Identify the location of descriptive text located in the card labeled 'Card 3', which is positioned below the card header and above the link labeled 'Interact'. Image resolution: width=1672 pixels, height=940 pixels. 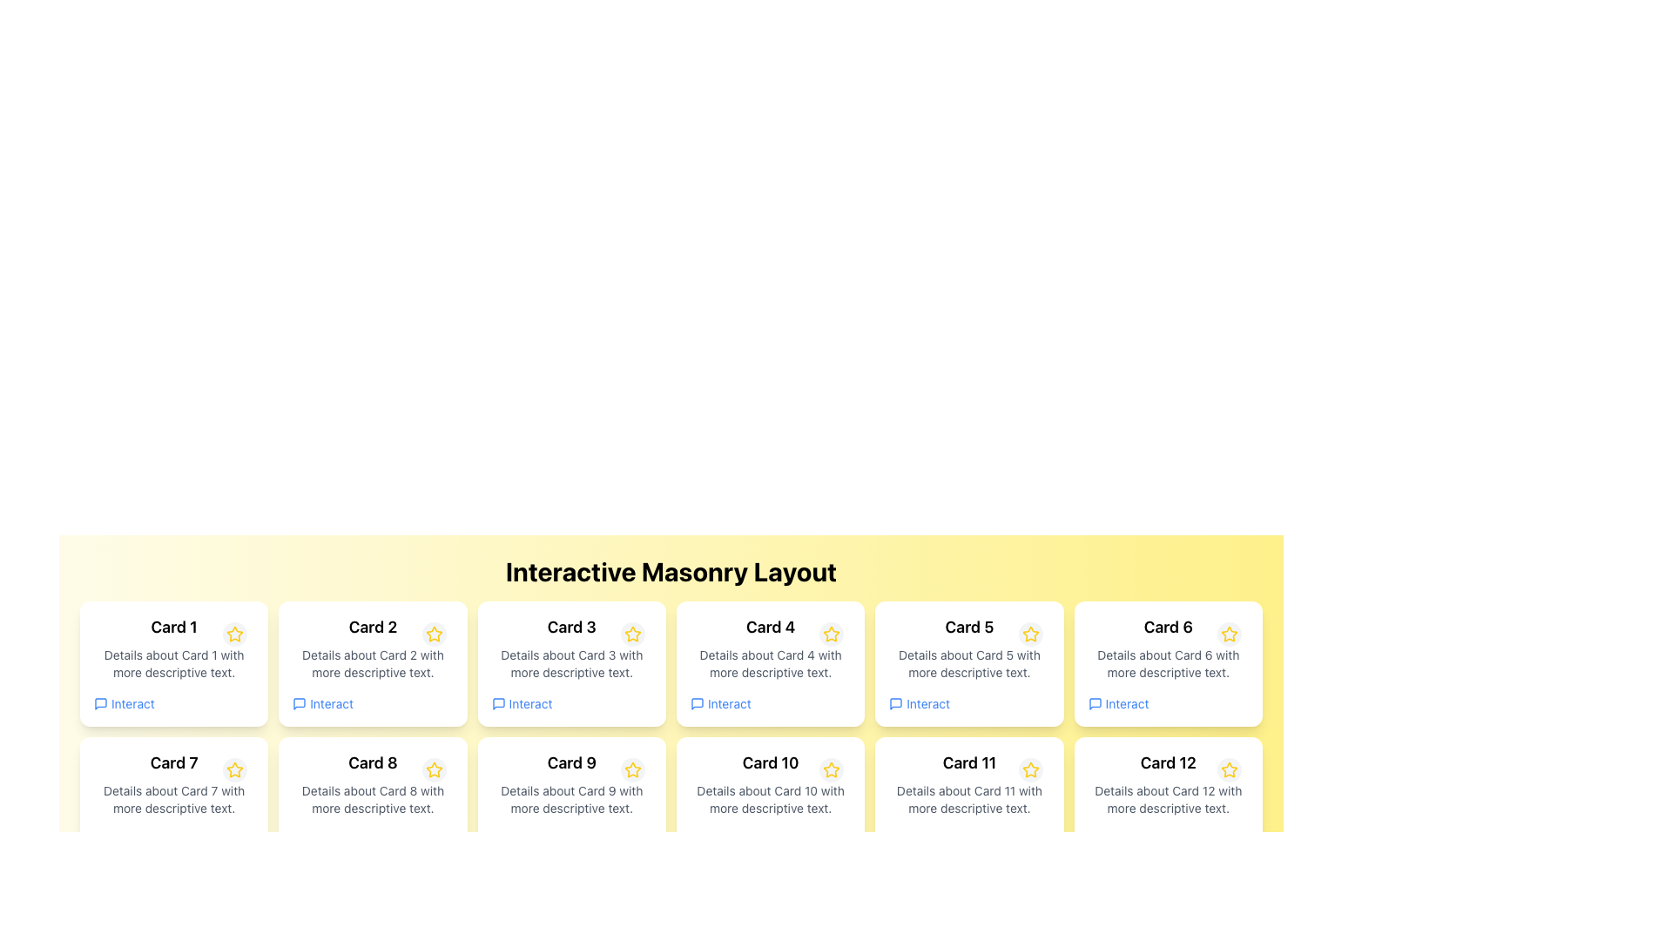
(571, 664).